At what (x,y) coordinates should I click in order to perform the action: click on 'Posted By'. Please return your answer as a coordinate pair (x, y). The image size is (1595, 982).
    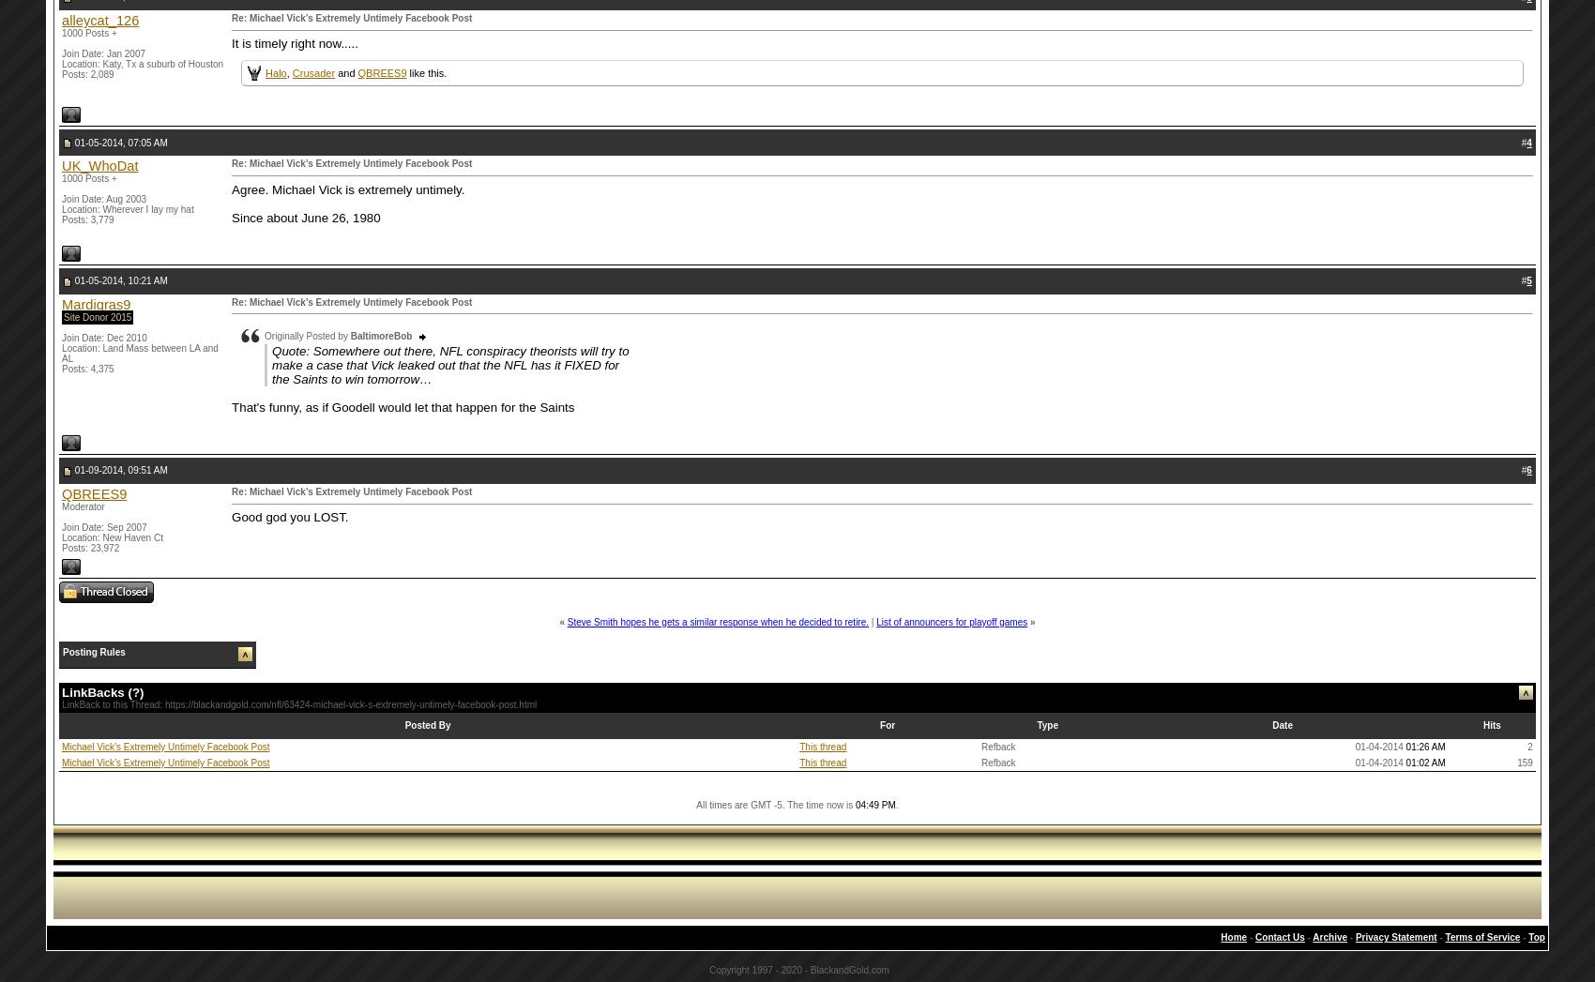
    Looking at the image, I should click on (427, 724).